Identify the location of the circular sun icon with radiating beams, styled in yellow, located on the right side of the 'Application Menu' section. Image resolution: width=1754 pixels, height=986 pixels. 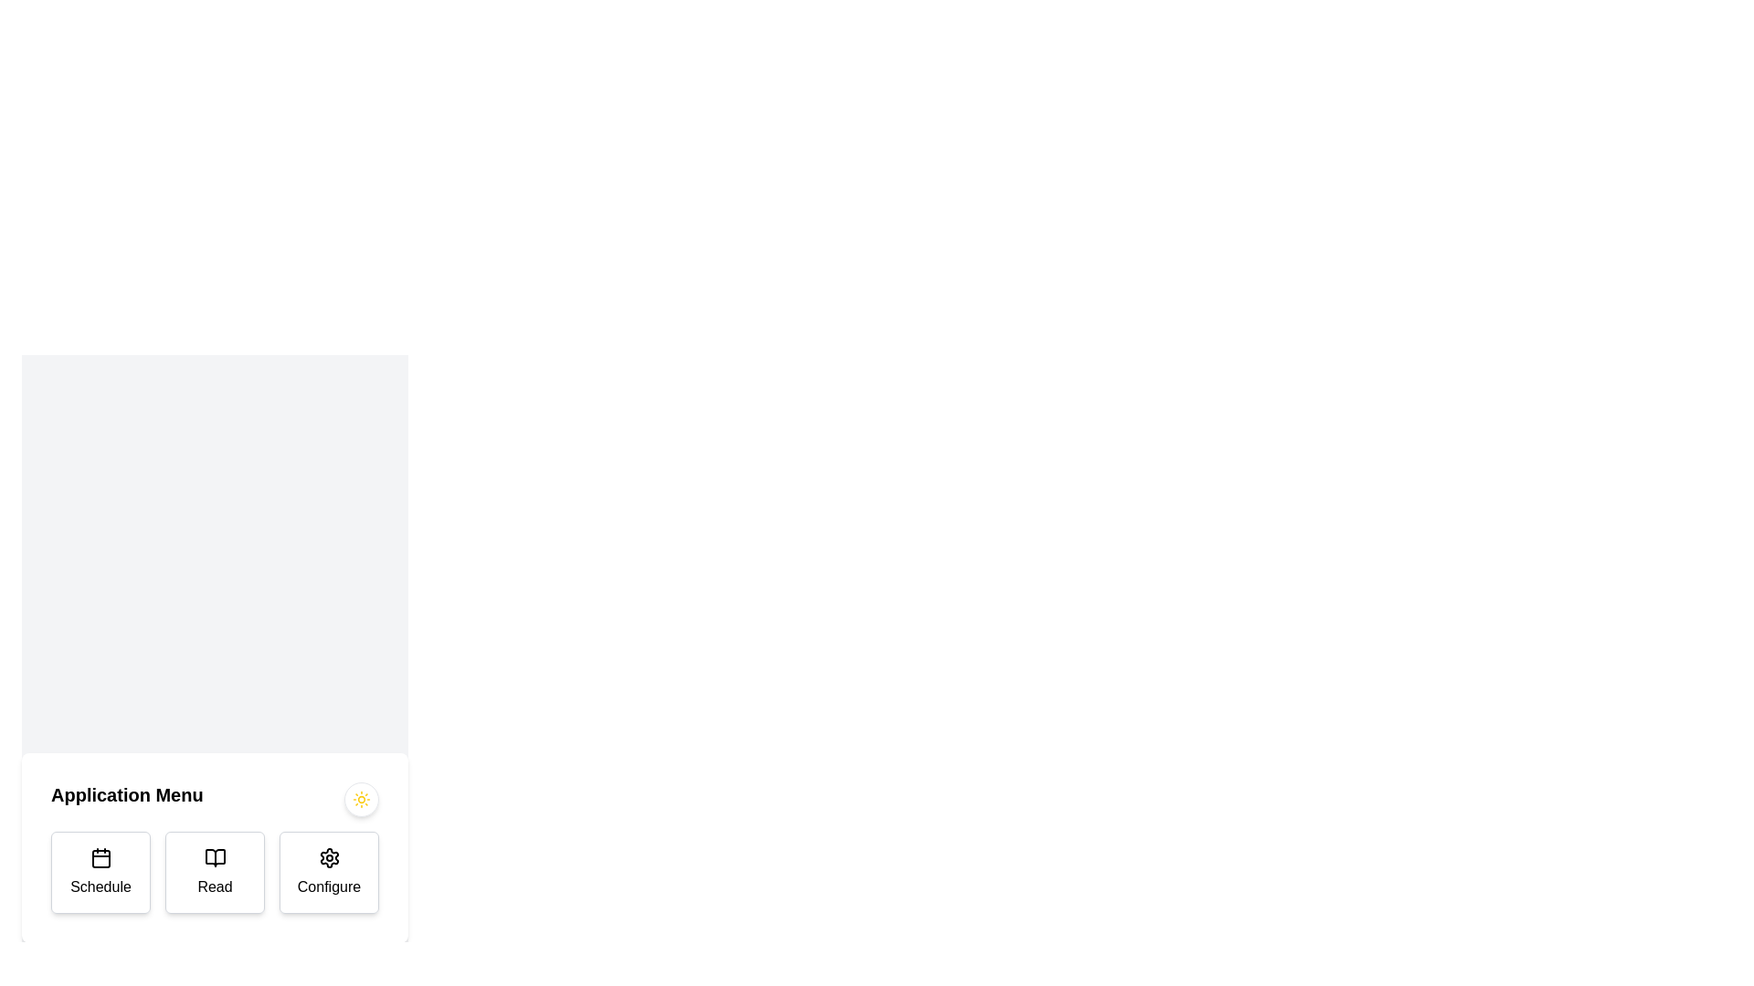
(361, 798).